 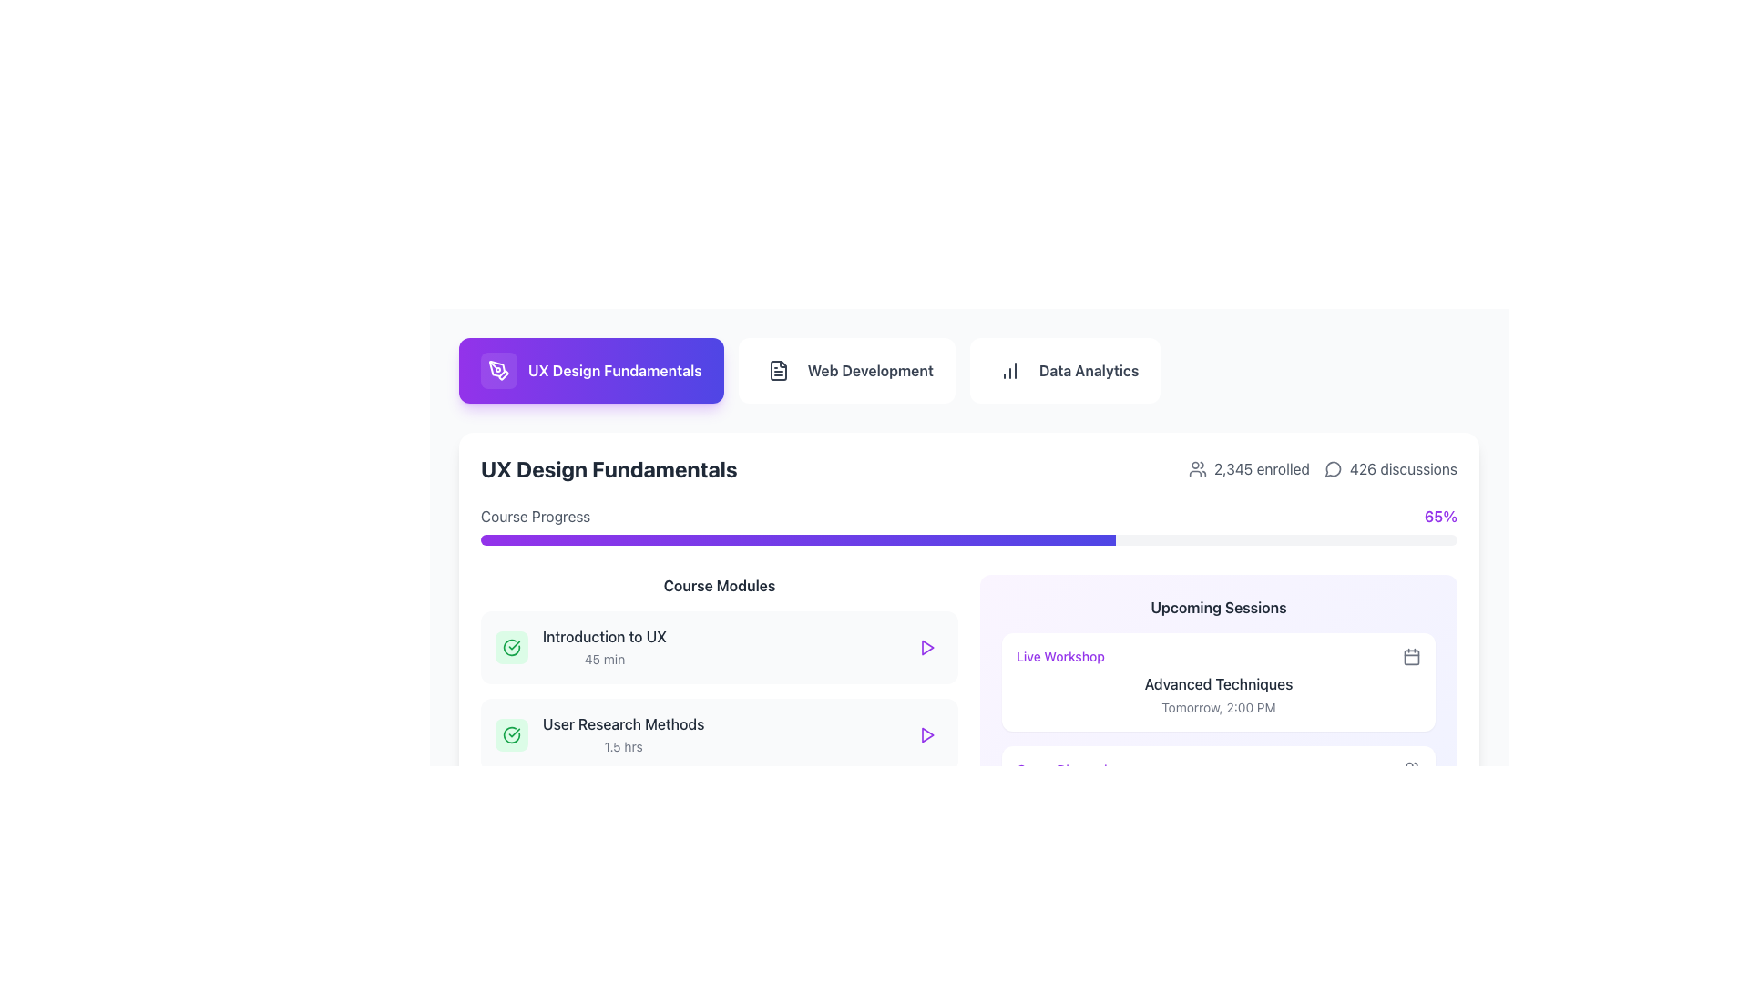 What do you see at coordinates (1411, 769) in the screenshot?
I see `the user or group-related icon located at the bottom-right corner of the 'Group Discussion' section` at bounding box center [1411, 769].